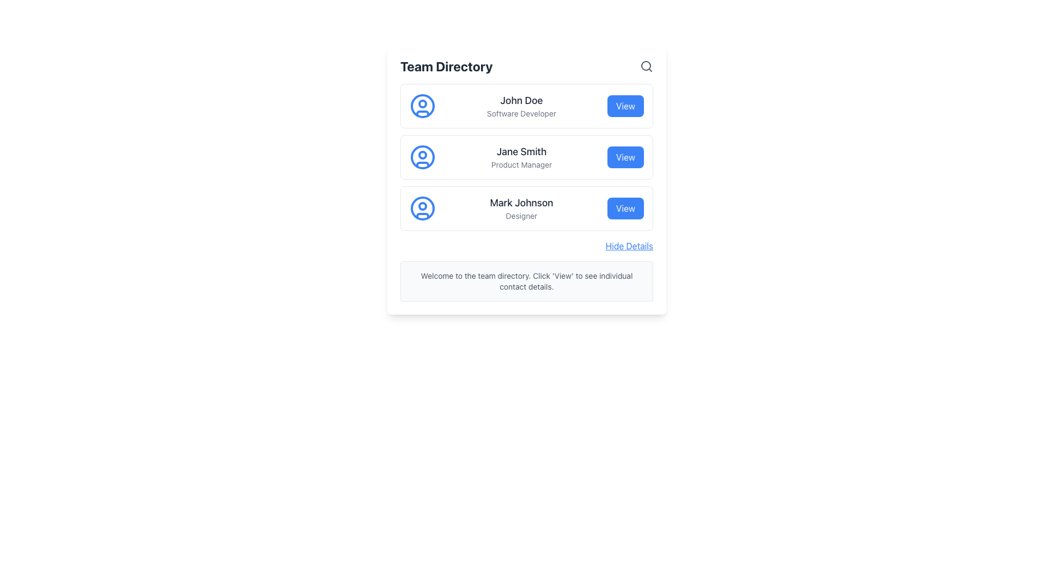 The height and width of the screenshot is (588, 1046). What do you see at coordinates (646, 66) in the screenshot?
I see `the magnifying glass icon located in the top-right corner of the 'Team Directory' header` at bounding box center [646, 66].